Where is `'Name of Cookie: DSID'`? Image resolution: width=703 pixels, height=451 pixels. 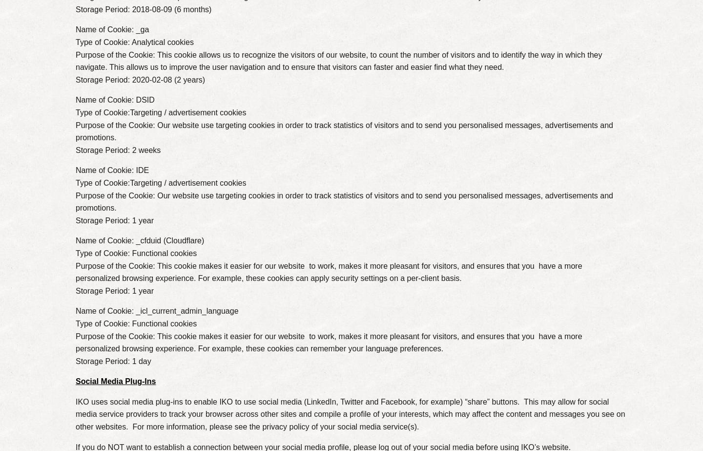
'Name of Cookie: DSID' is located at coordinates (115, 100).